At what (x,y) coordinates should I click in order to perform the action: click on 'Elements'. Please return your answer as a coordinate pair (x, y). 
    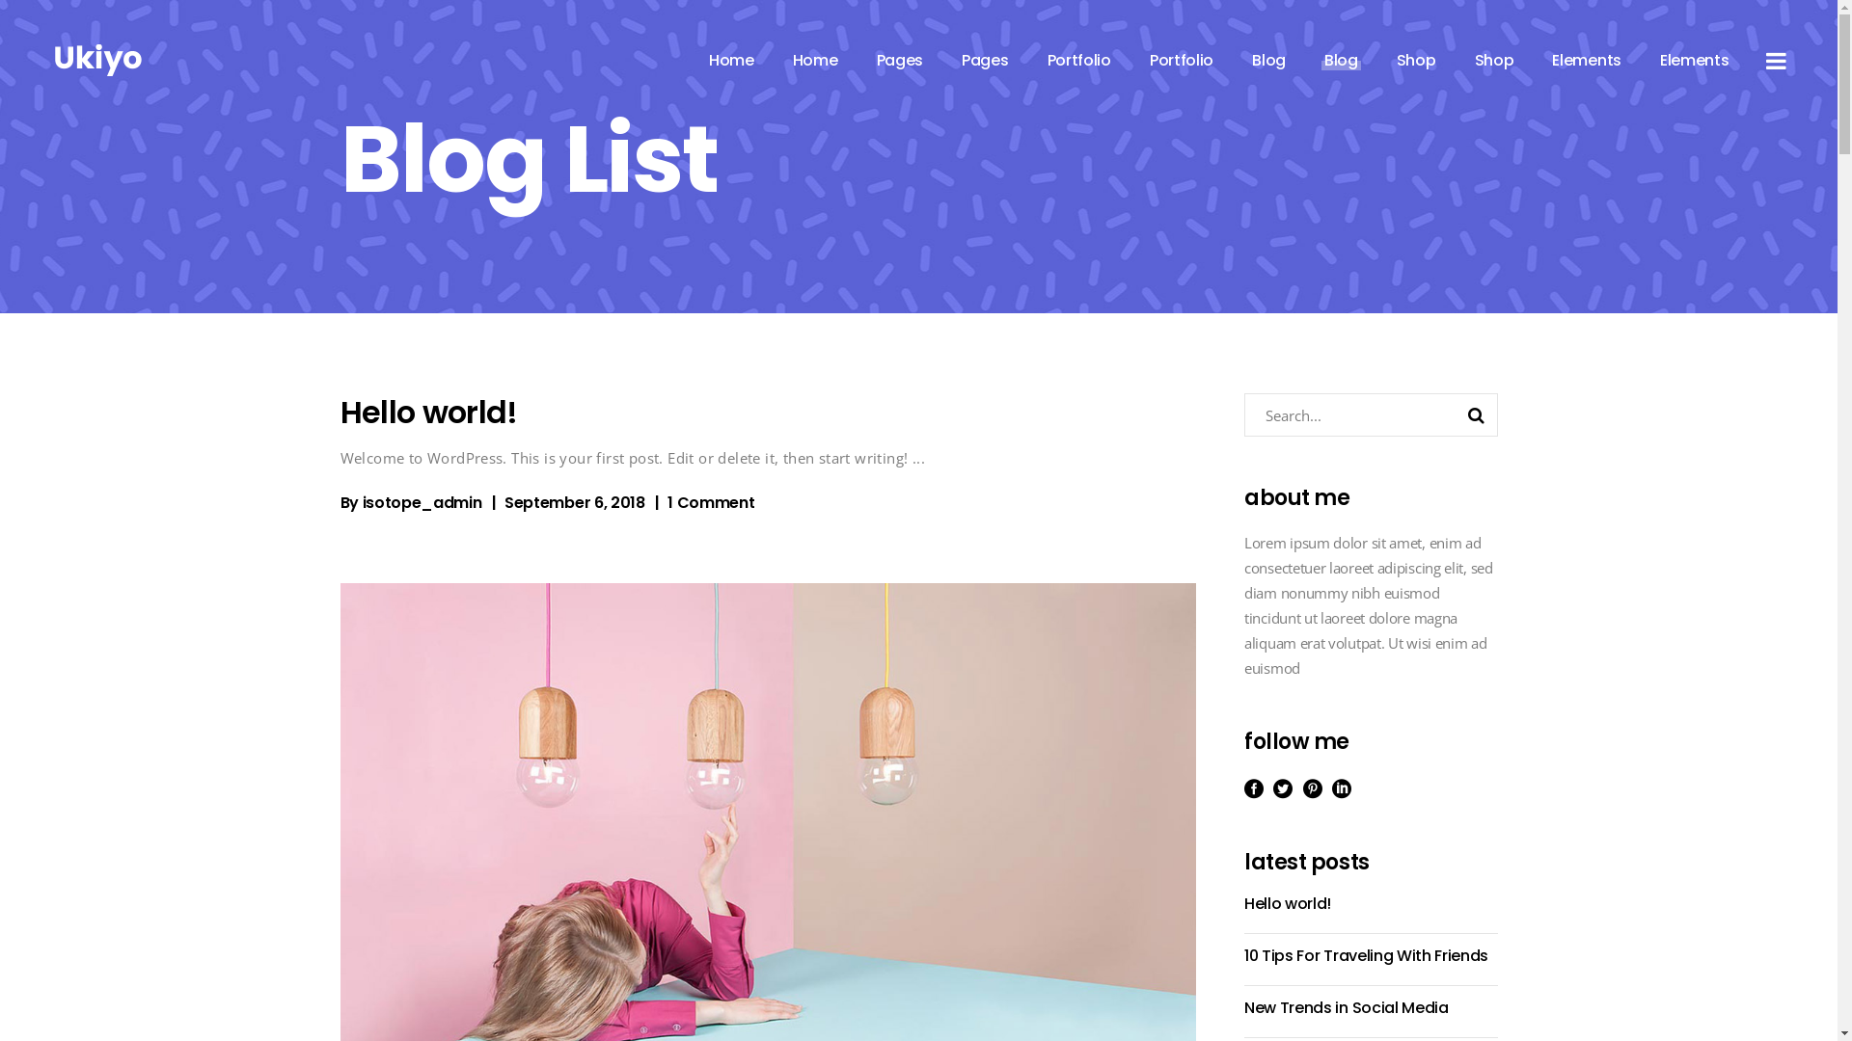
    Looking at the image, I should click on (1693, 59).